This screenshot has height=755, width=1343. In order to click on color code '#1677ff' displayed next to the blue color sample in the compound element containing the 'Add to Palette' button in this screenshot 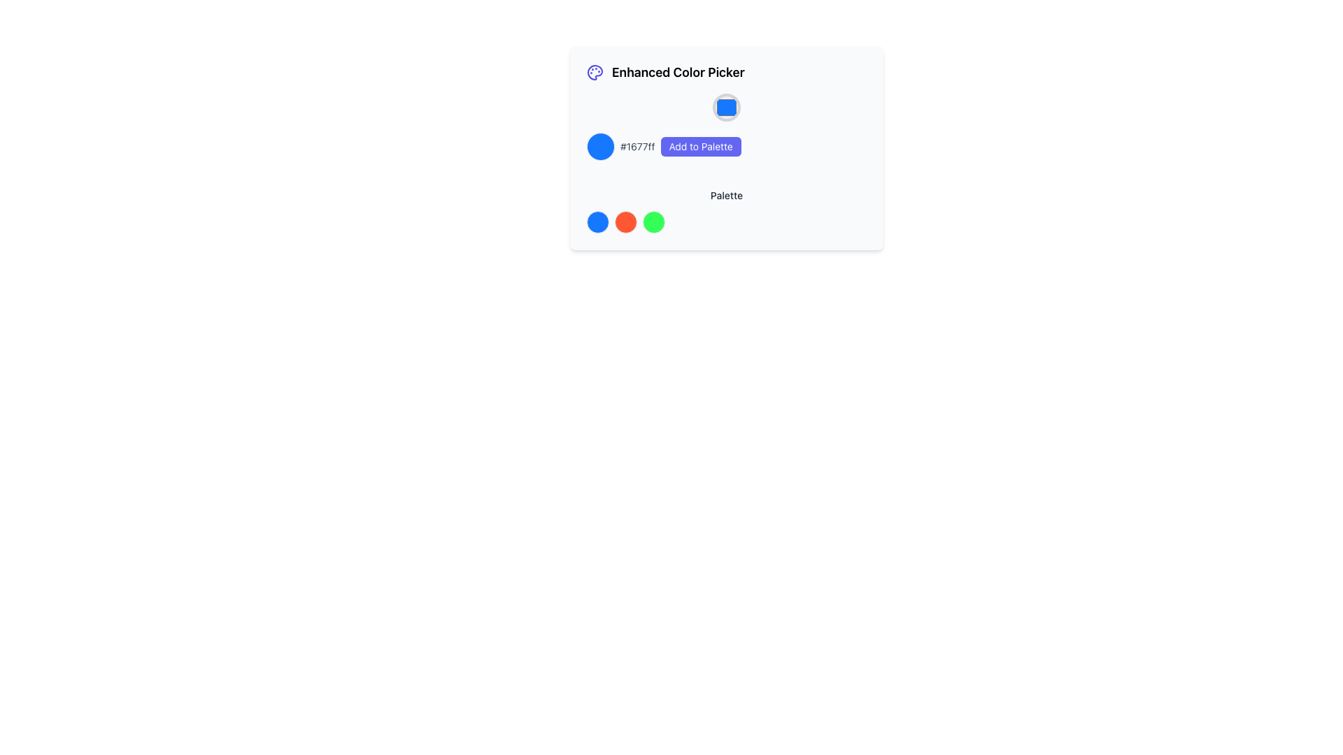, I will do `click(726, 127)`.